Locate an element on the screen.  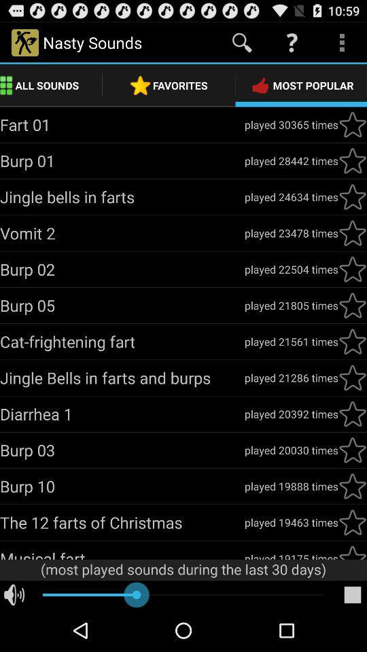
the cat-frightening fart app is located at coordinates (122, 341).